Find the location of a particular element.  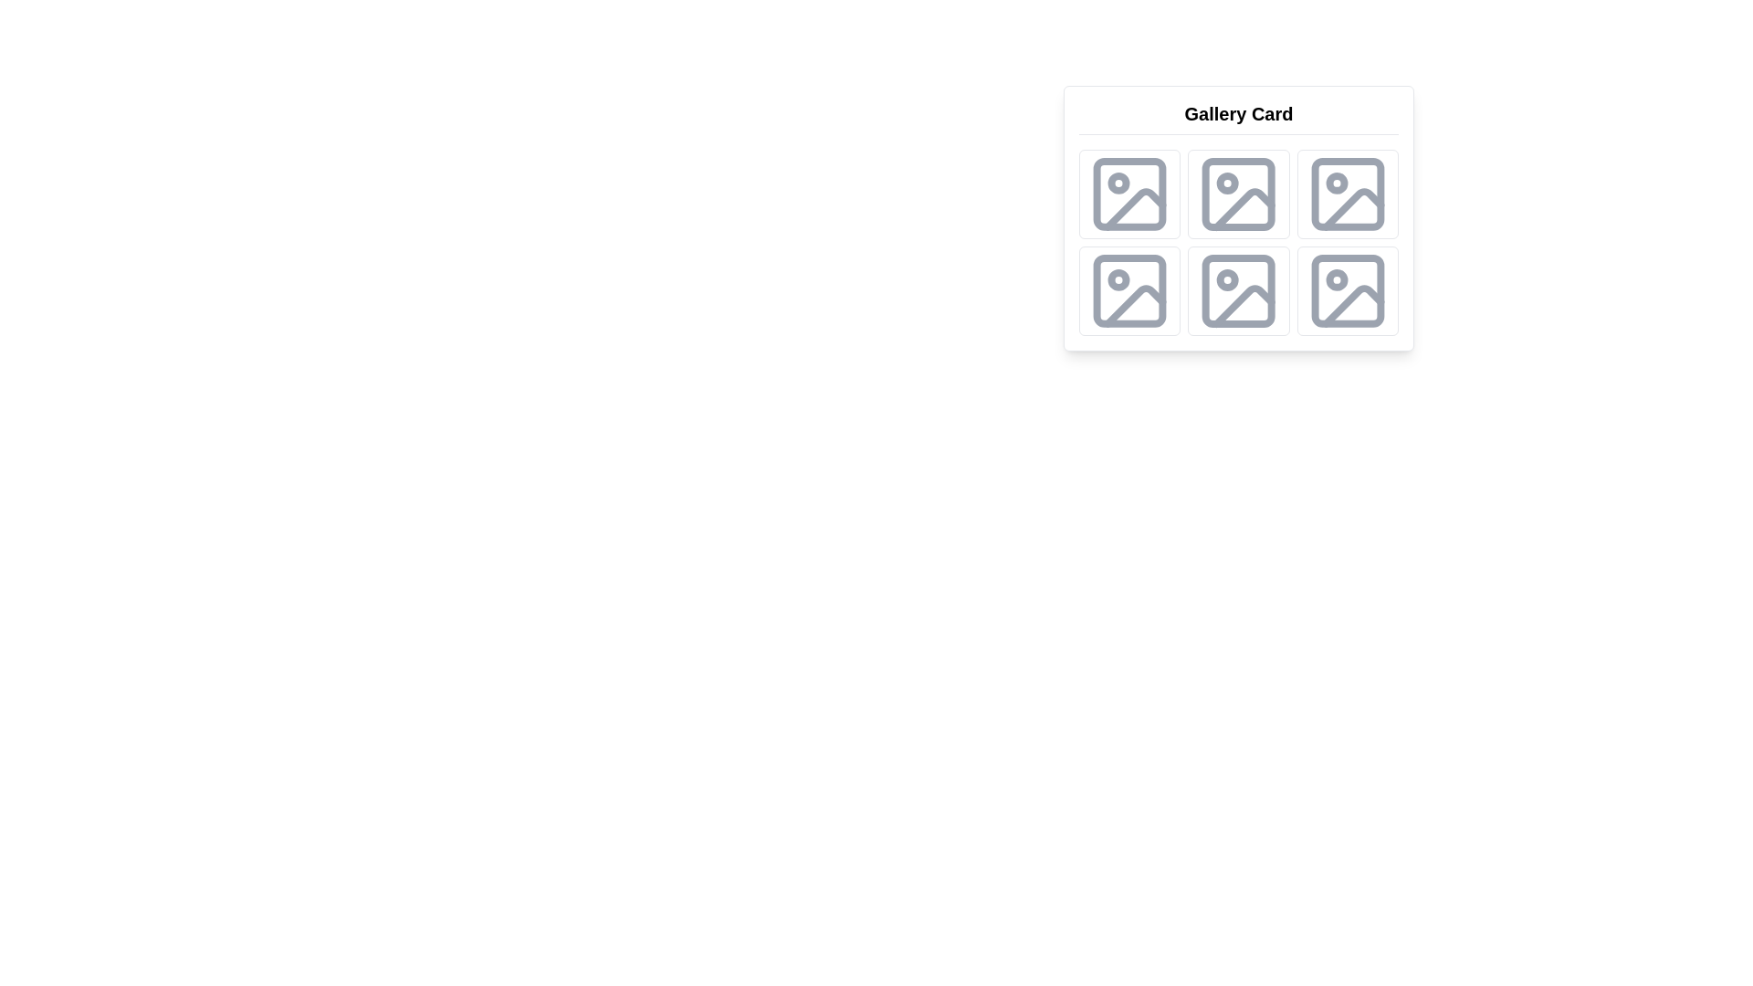

the decorative graphical element located at the top-left of the grid containing picture-like icons, which serves as part of the framing of an image is located at coordinates (1128, 194).